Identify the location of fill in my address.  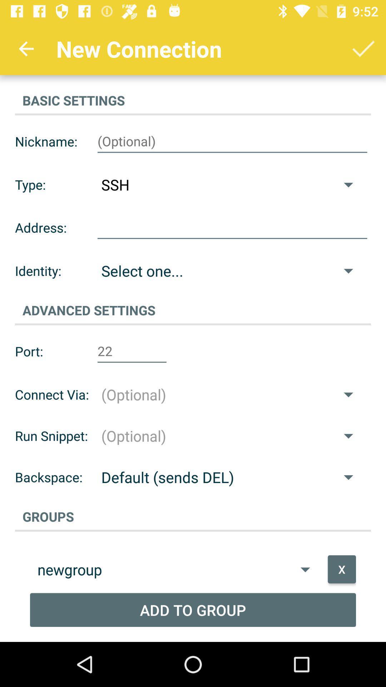
(232, 227).